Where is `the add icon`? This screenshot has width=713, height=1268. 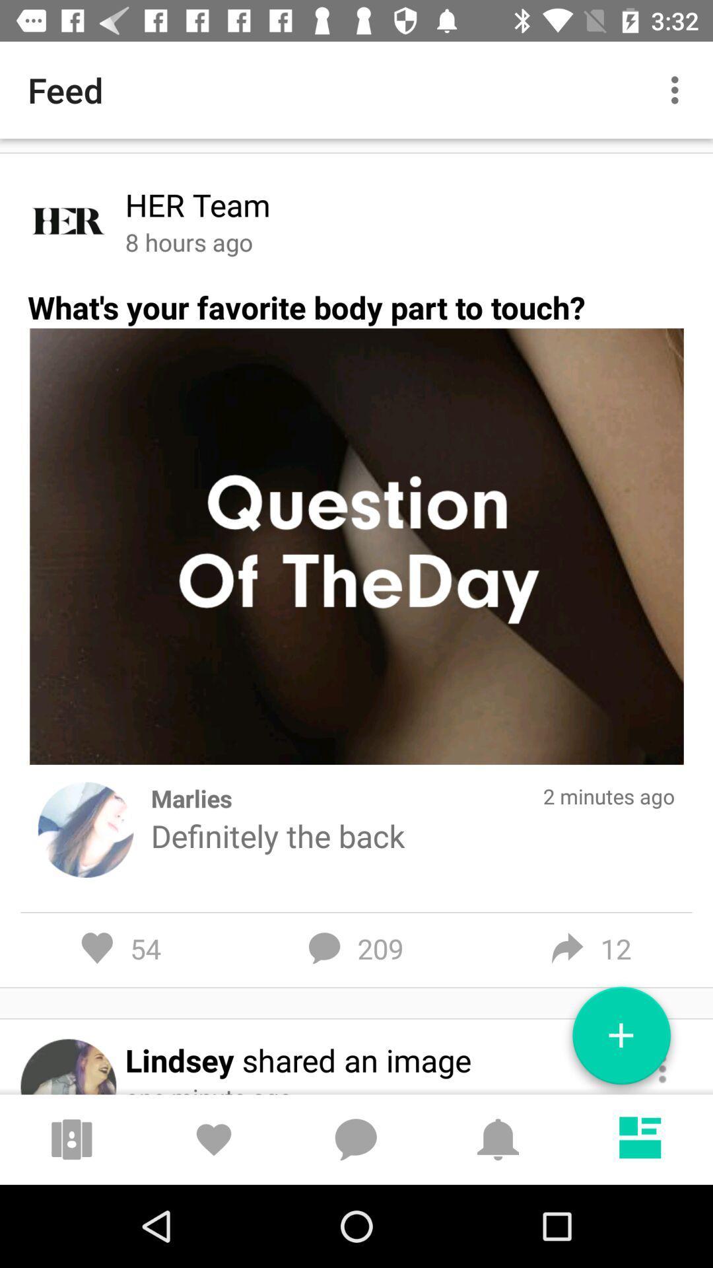 the add icon is located at coordinates (621, 1040).